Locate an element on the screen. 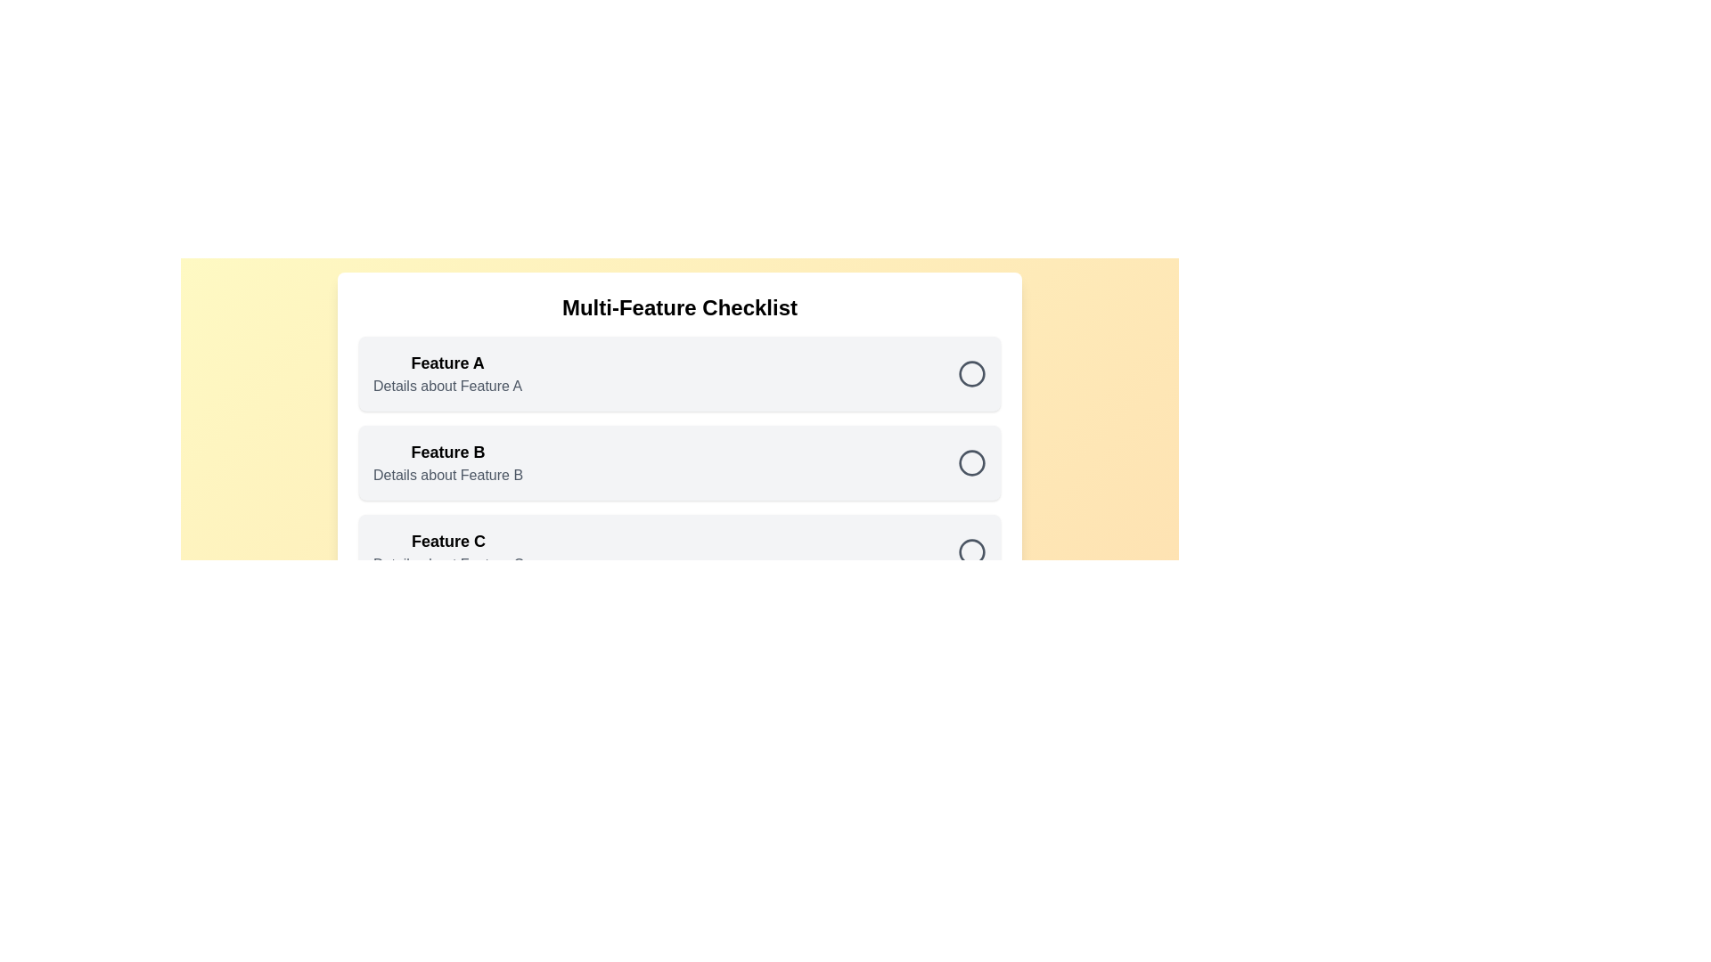 The height and width of the screenshot is (962, 1711). the checklist item Feature C is located at coordinates (970, 551).